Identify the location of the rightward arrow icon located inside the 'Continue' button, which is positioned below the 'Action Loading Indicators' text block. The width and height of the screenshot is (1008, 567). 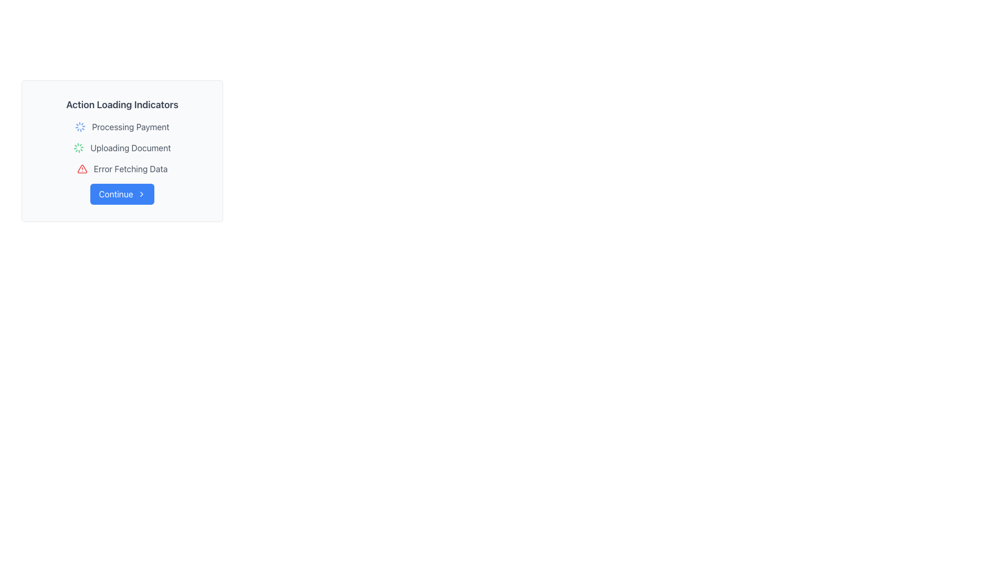
(141, 194).